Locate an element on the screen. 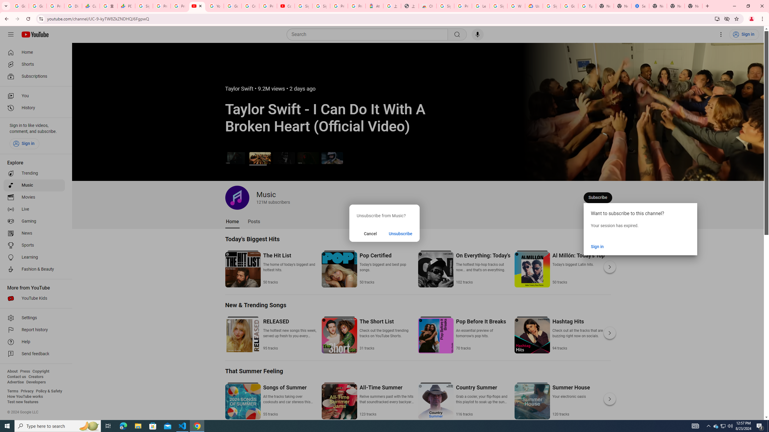  'Unsubscribe' is located at coordinates (400, 233).